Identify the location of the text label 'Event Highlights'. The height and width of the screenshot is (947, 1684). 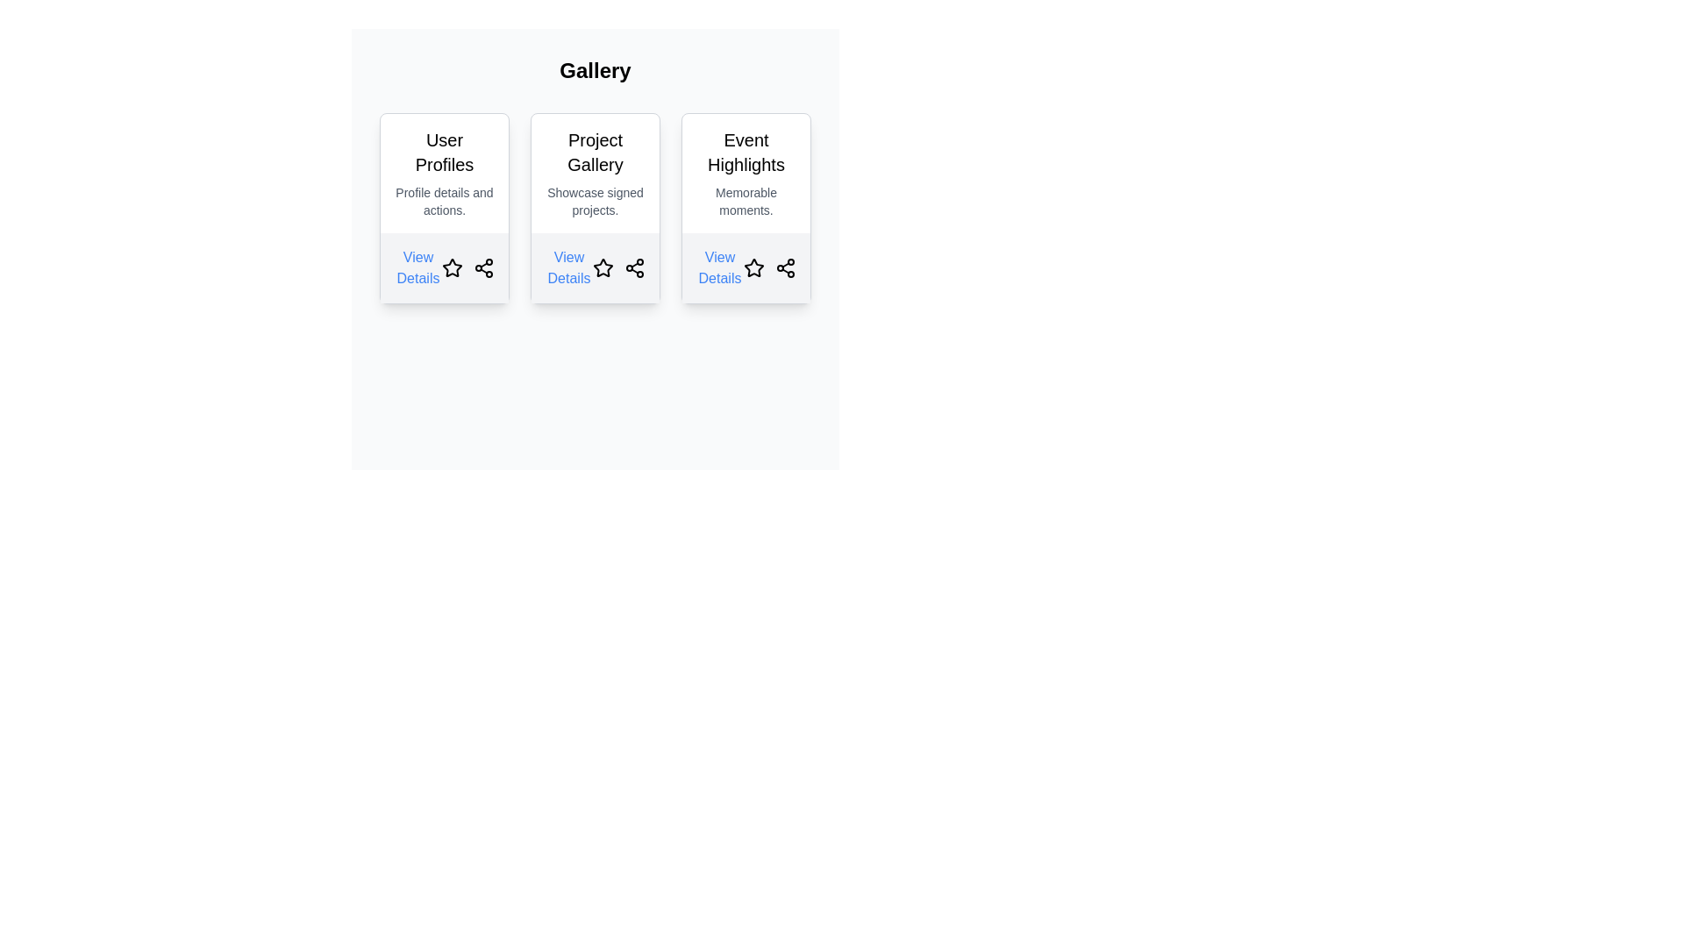
(746, 151).